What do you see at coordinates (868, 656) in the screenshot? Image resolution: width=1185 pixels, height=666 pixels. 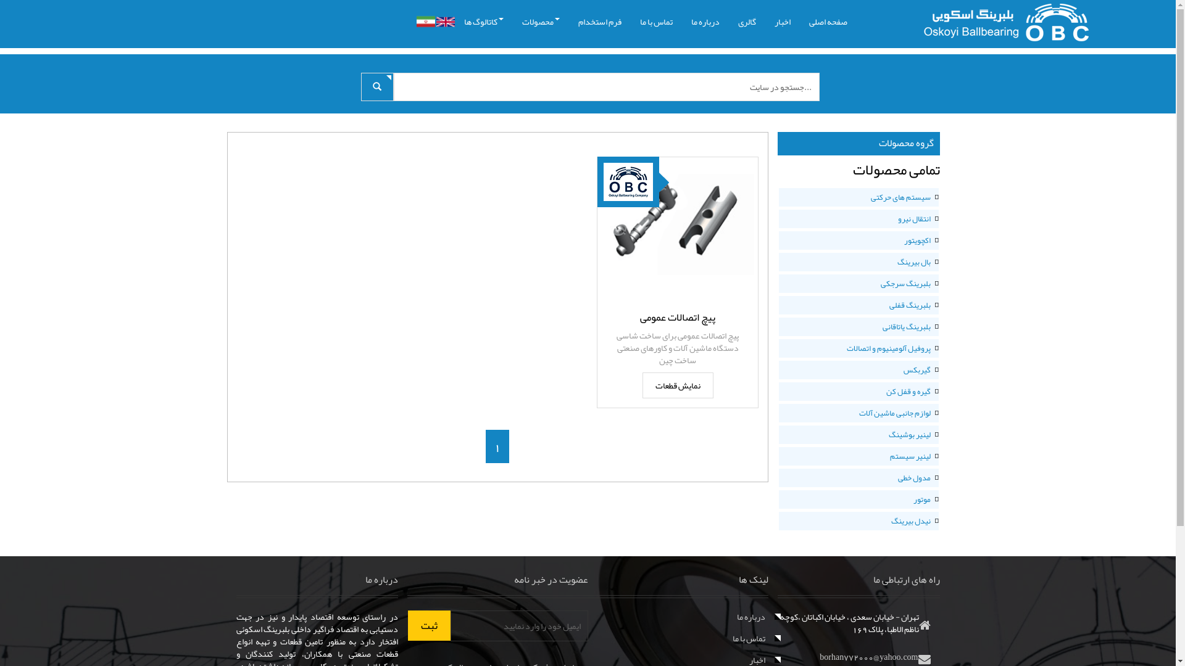 I see `'borhan772000@yahoo.com'` at bounding box center [868, 656].